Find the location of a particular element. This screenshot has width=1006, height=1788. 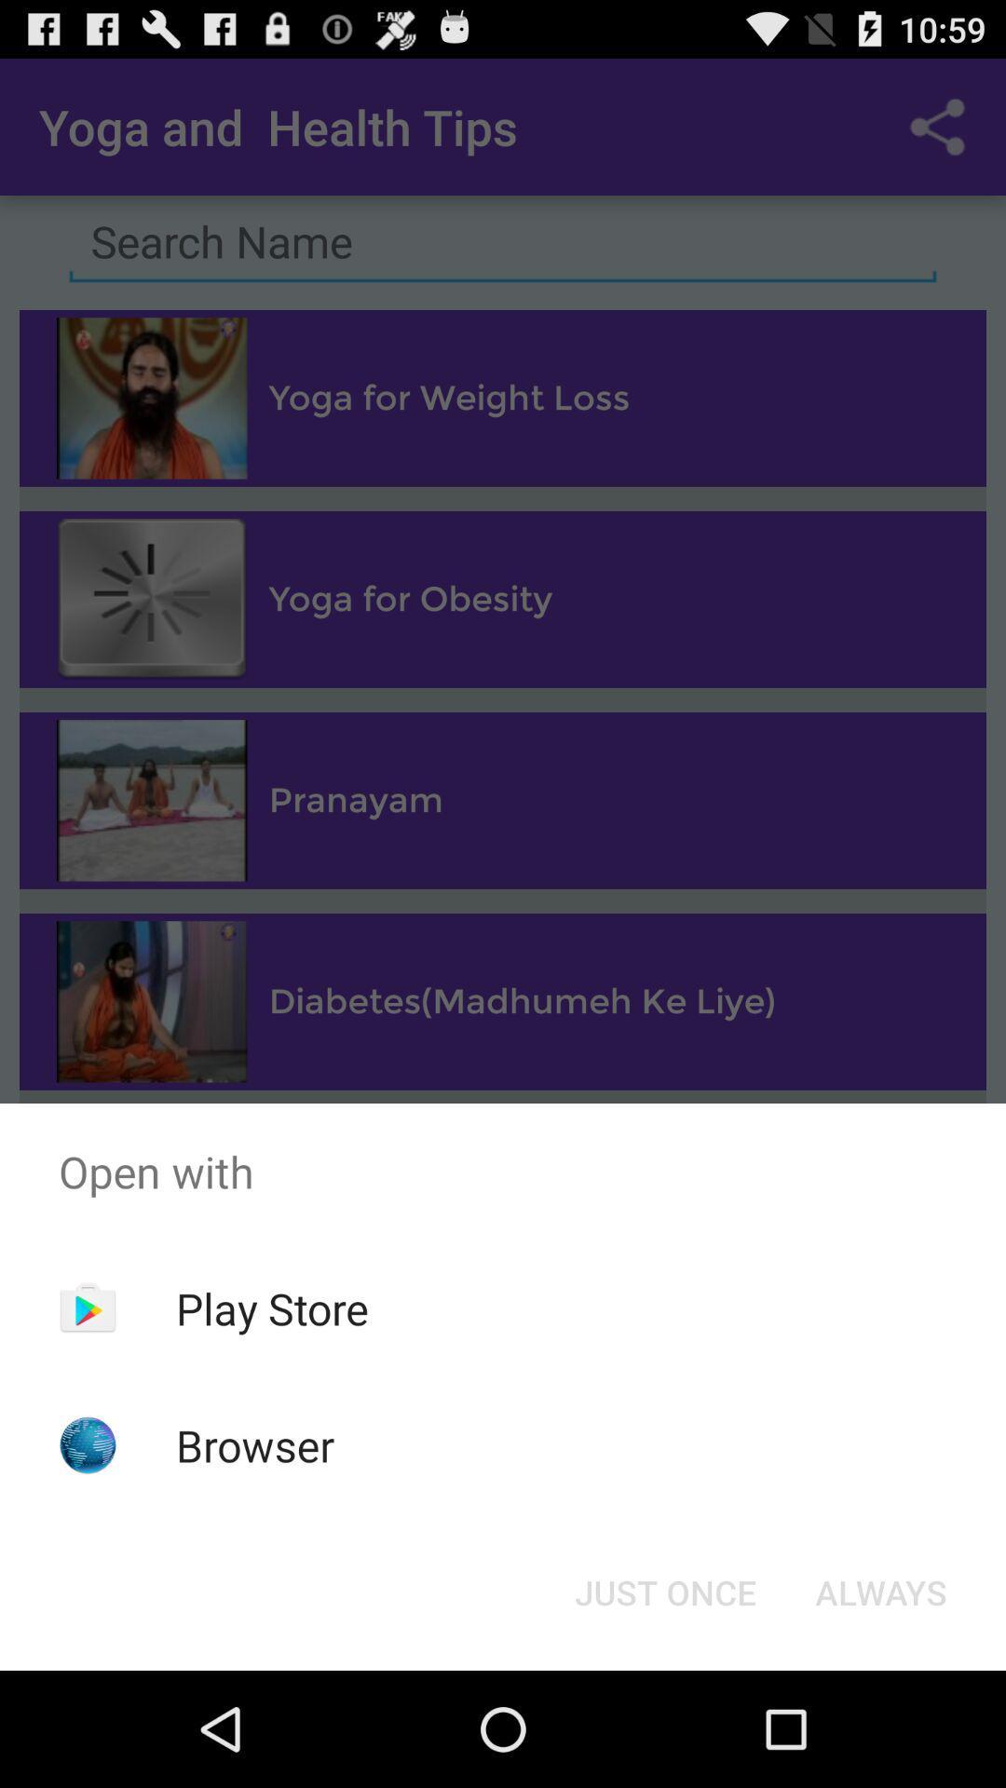

just once icon is located at coordinates (664, 1591).